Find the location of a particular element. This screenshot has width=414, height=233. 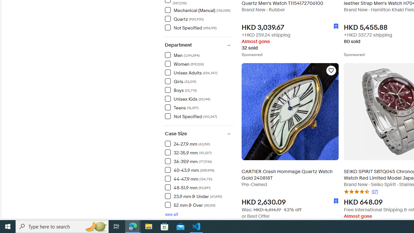

'52 mm & Over (28,126) Items' is located at coordinates (190, 205).